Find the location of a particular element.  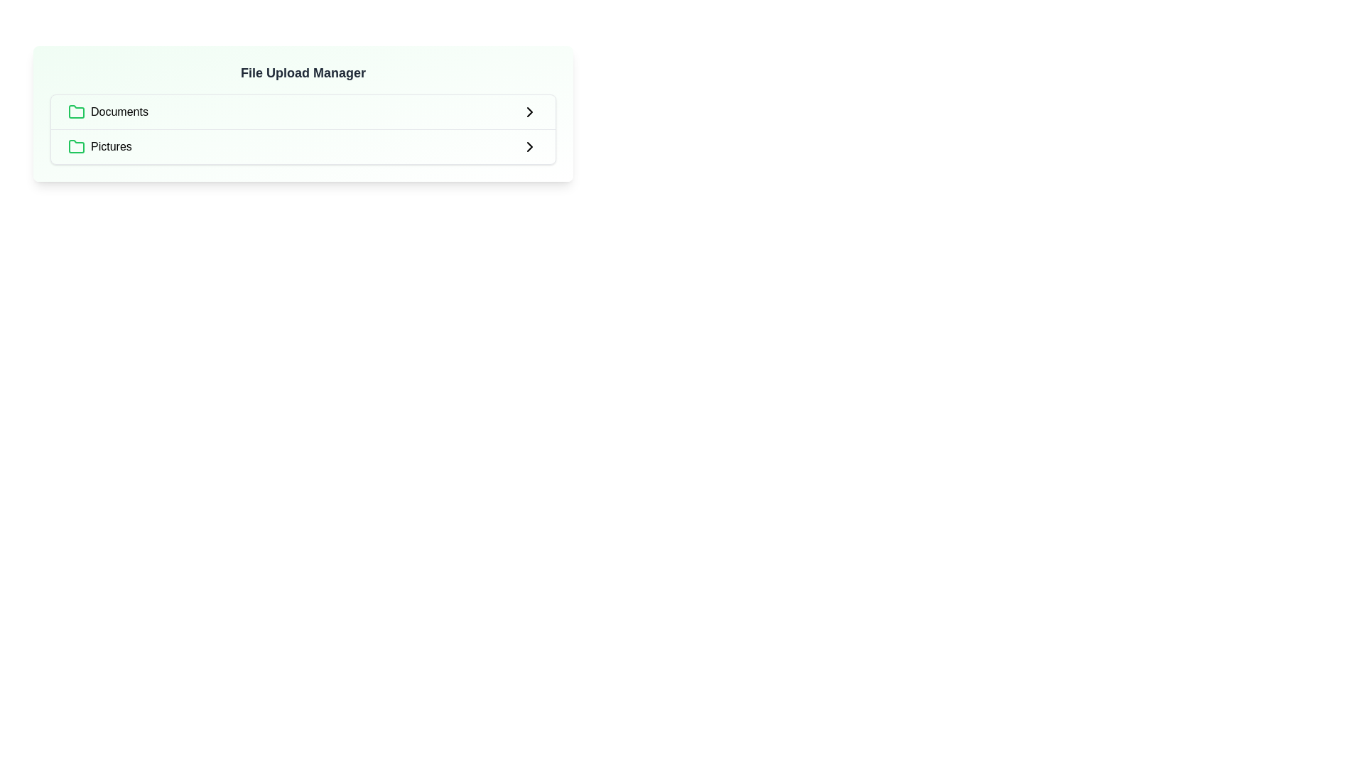

the 'Pictures' folder selectable list item, which is the second item in the list within the 'File Upload Manager' interface is located at coordinates (99, 147).